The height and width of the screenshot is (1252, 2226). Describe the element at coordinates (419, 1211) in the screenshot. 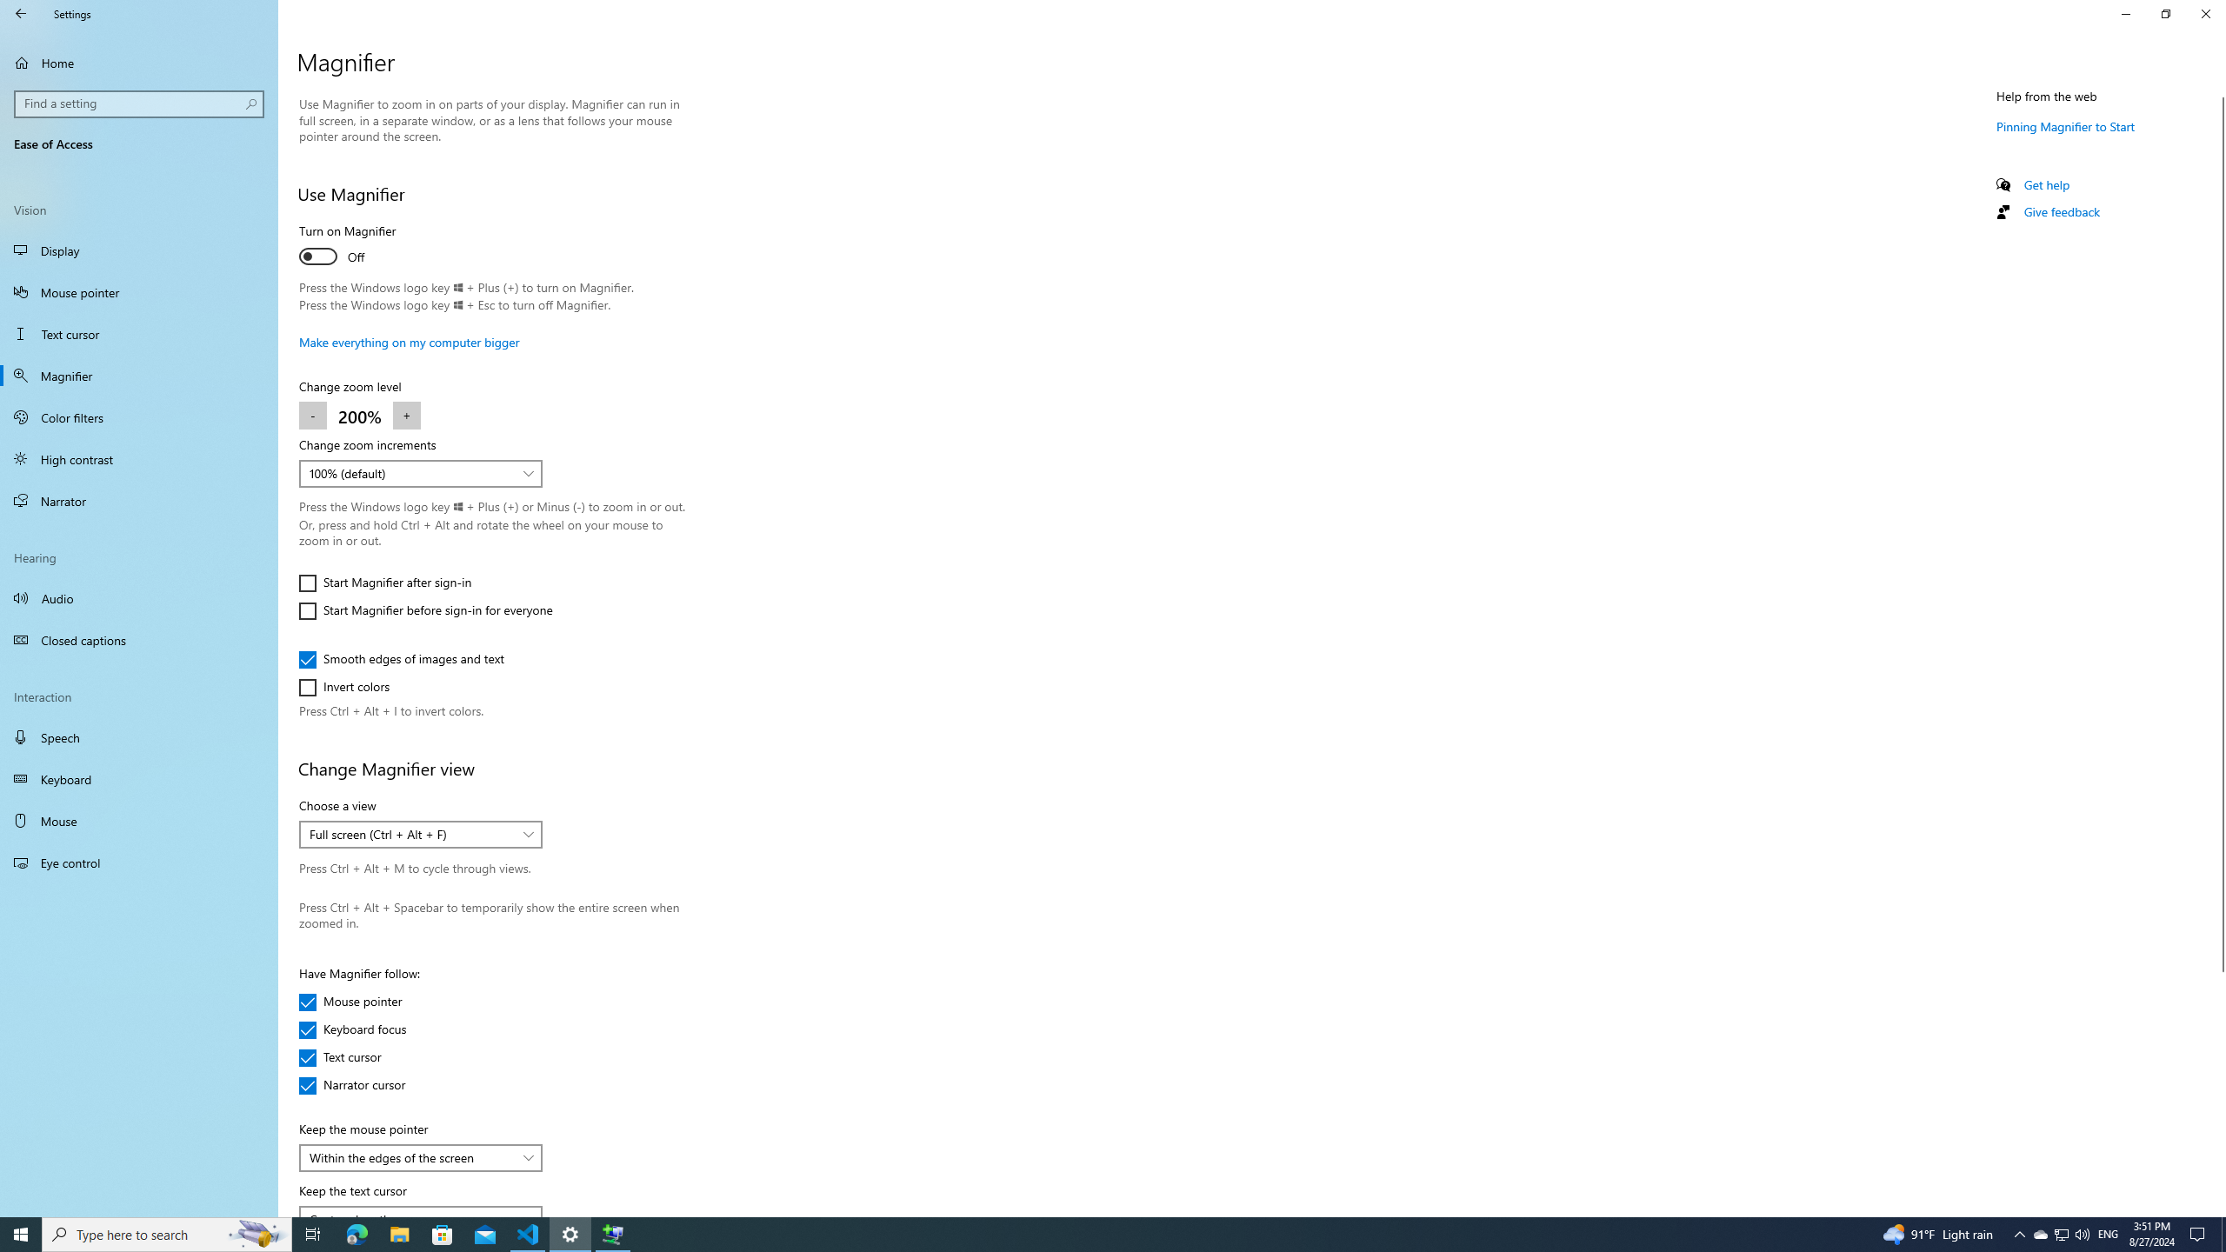

I see `'Keep the text cursor'` at that location.